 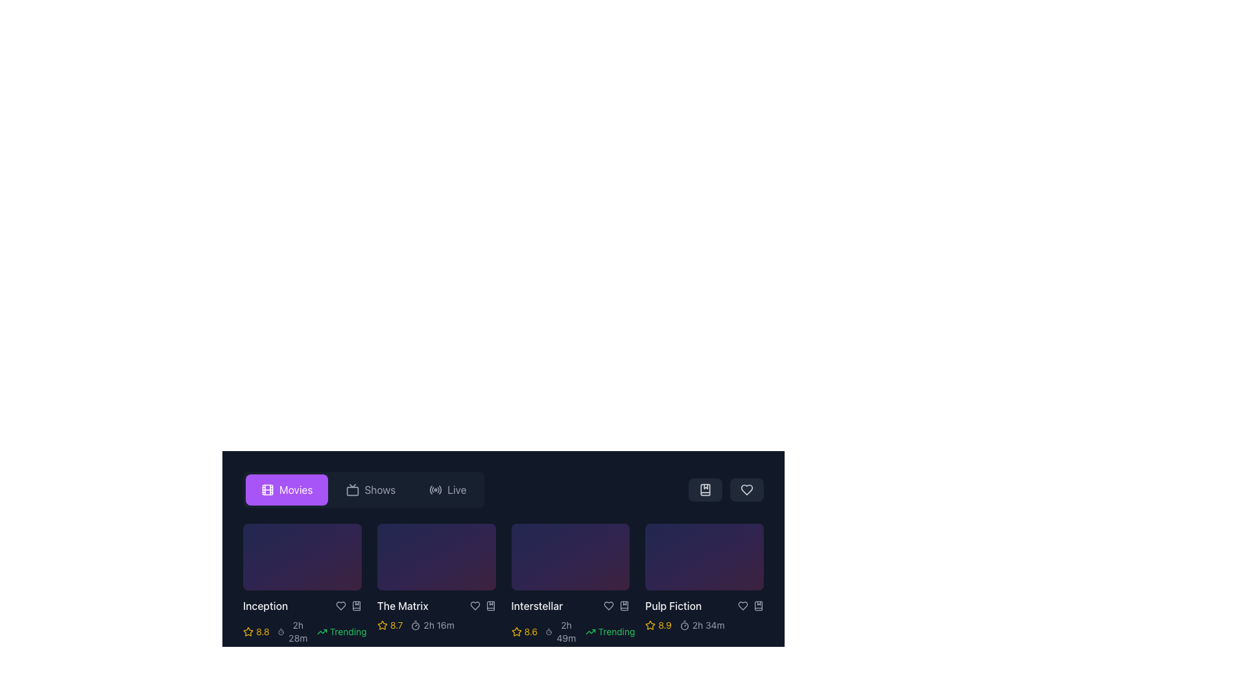 What do you see at coordinates (490, 605) in the screenshot?
I see `the bookmark icon button located to the left of the heart icon in 'The Matrix' section to change its color to purple` at bounding box center [490, 605].